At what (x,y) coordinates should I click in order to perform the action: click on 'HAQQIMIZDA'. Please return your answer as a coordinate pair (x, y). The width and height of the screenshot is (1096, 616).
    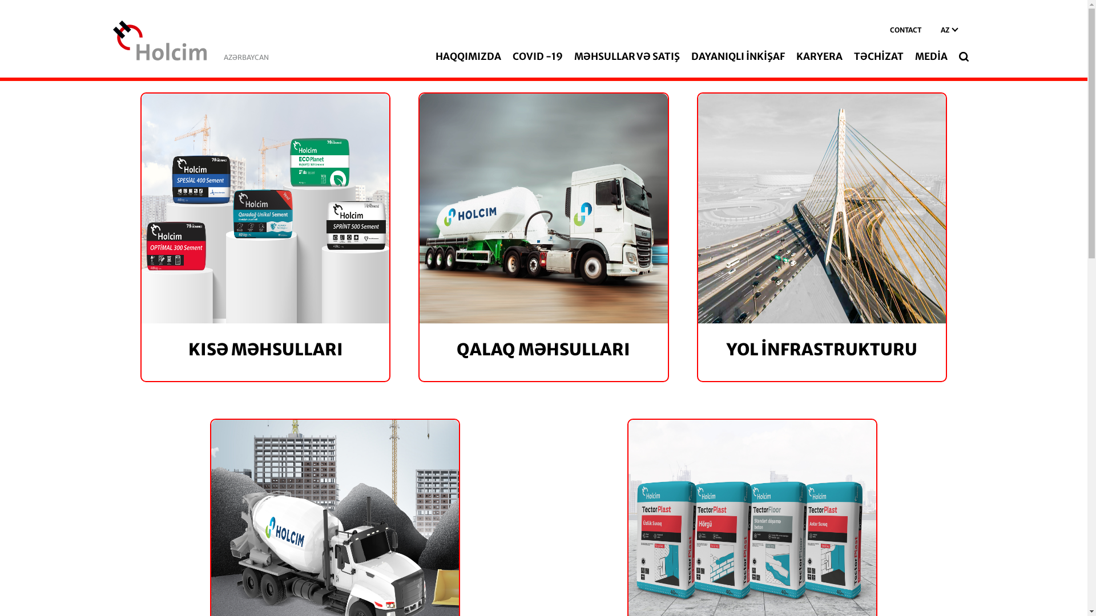
    Looking at the image, I should click on (435, 56).